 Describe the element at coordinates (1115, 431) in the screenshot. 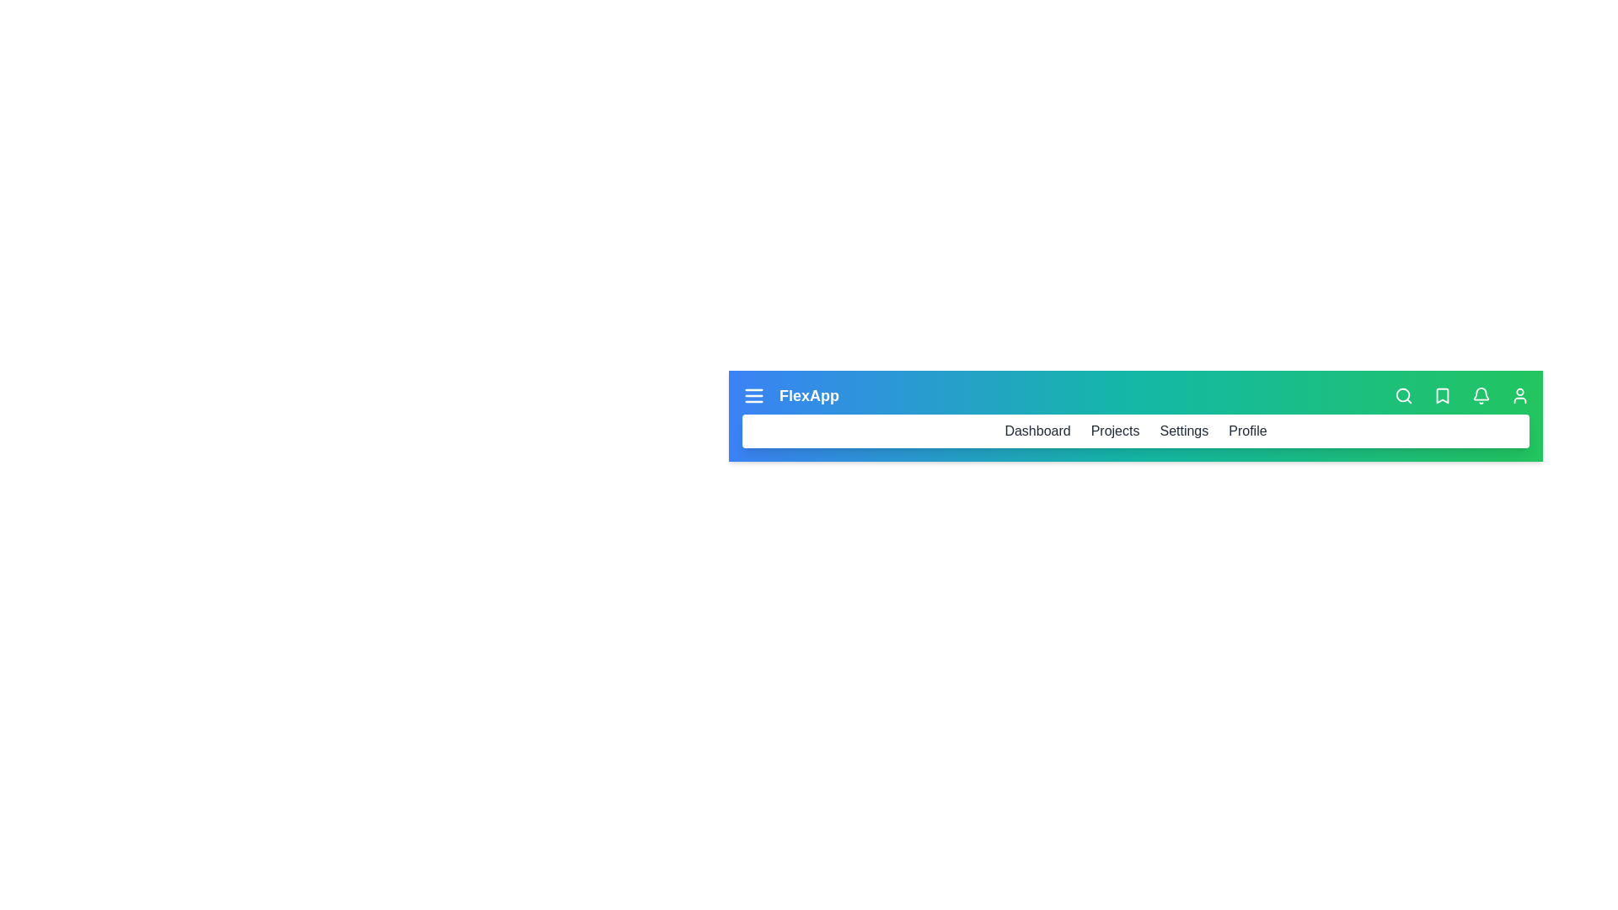

I see `the Projects navigation link` at that location.